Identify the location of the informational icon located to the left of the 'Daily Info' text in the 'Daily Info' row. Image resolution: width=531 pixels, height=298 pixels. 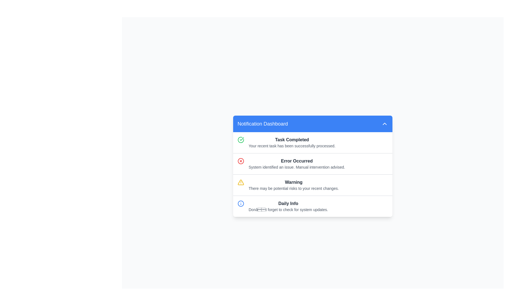
(241, 206).